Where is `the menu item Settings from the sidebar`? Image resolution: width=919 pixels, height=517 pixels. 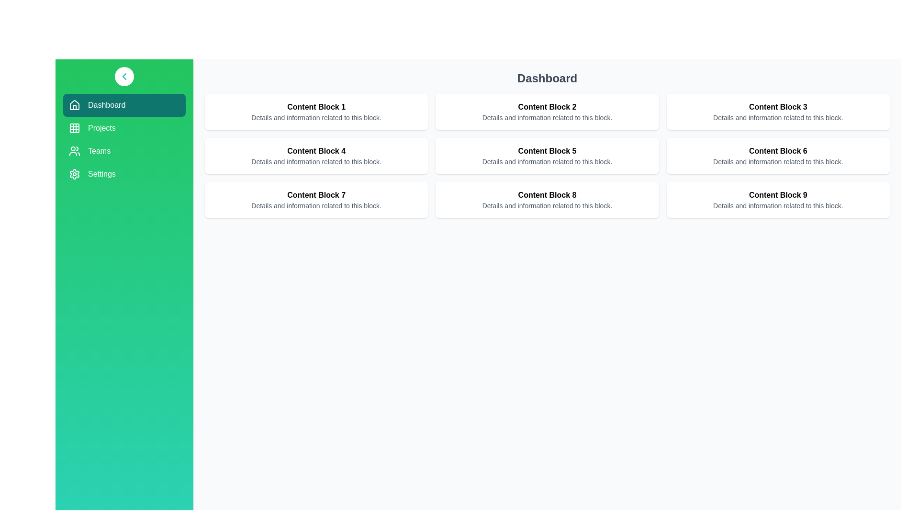 the menu item Settings from the sidebar is located at coordinates (123, 174).